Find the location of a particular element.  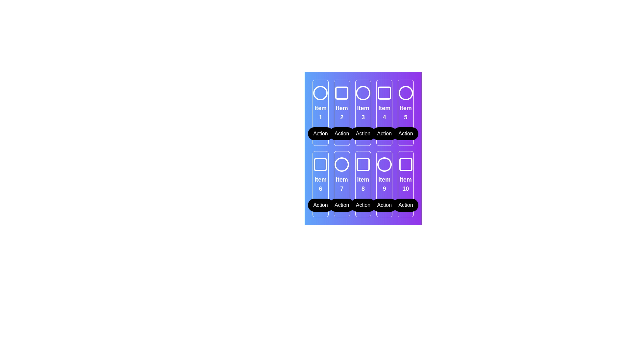

the square-shaped UI component with a black border located at the top center area of the 'Item 10' card is located at coordinates (405, 164).